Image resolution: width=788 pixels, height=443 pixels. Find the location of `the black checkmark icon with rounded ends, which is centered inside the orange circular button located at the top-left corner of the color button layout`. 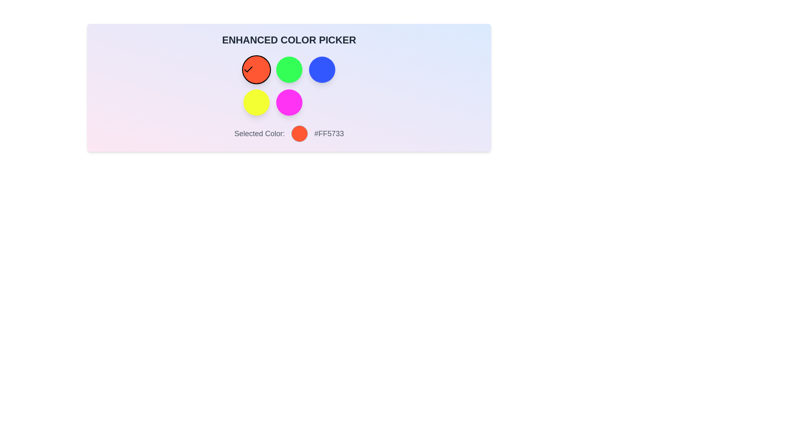

the black checkmark icon with rounded ends, which is centered inside the orange circular button located at the top-left corner of the color button layout is located at coordinates (247, 69).